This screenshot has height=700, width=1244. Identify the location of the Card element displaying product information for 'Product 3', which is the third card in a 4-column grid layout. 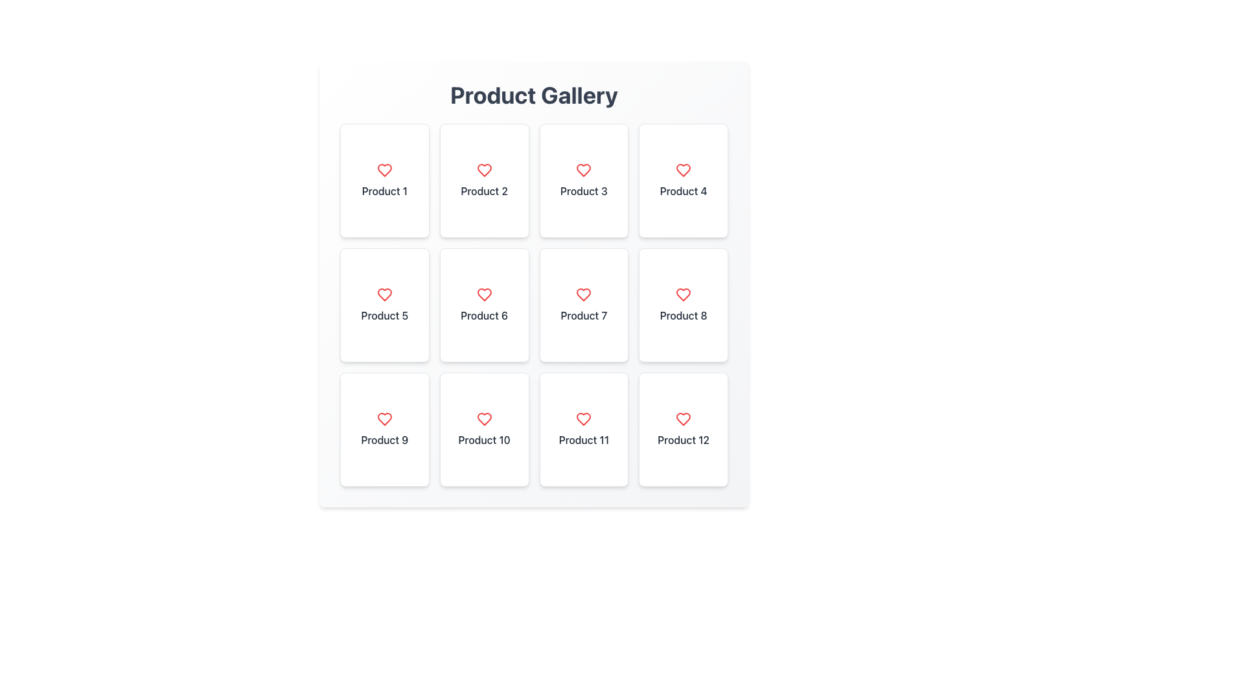
(583, 180).